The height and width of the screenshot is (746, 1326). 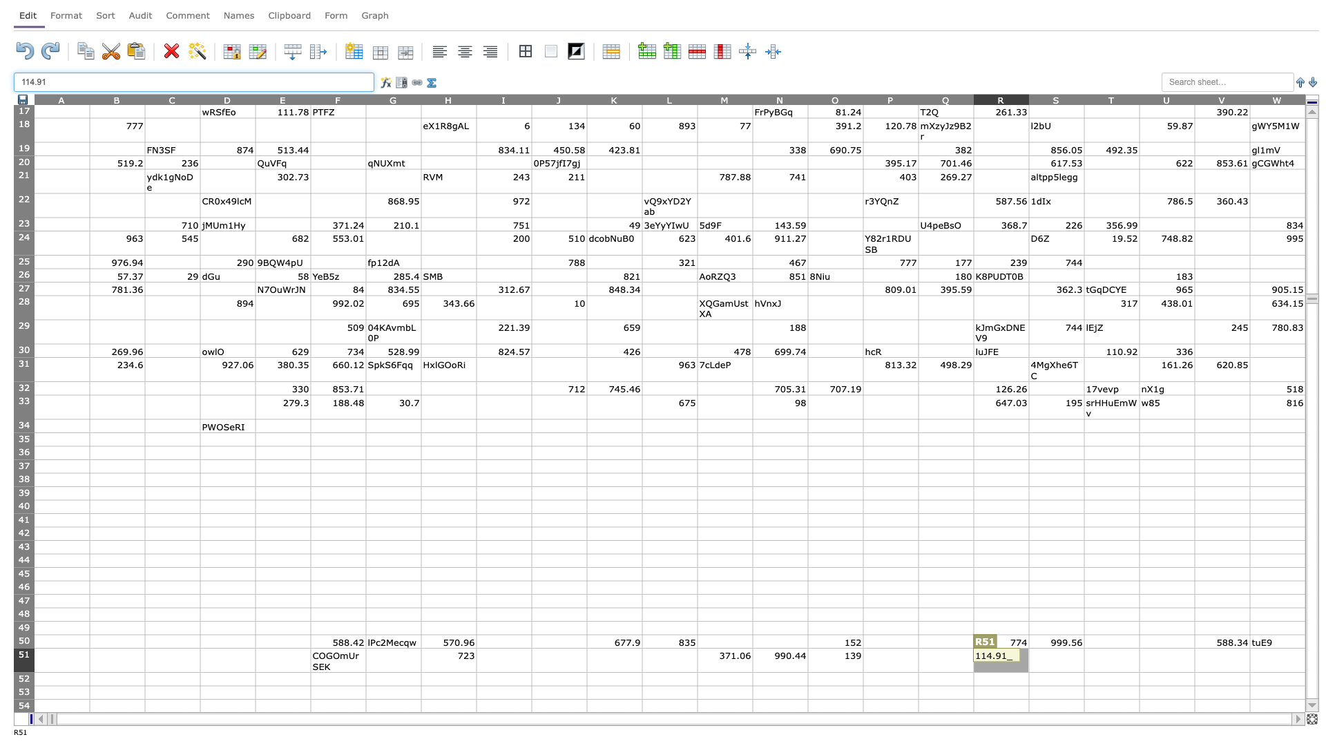 What do you see at coordinates (1028, 648) in the screenshot?
I see `top left corner of S51` at bounding box center [1028, 648].